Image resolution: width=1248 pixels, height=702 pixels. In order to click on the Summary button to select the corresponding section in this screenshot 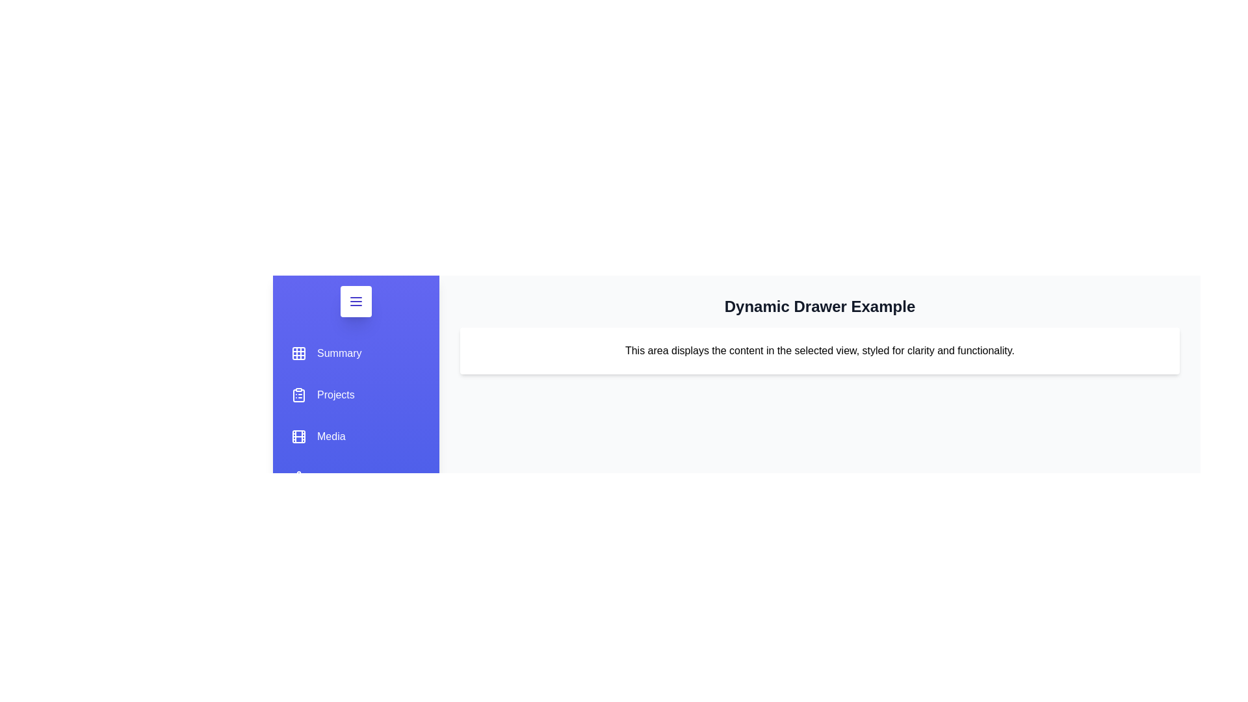, I will do `click(326, 353)`.